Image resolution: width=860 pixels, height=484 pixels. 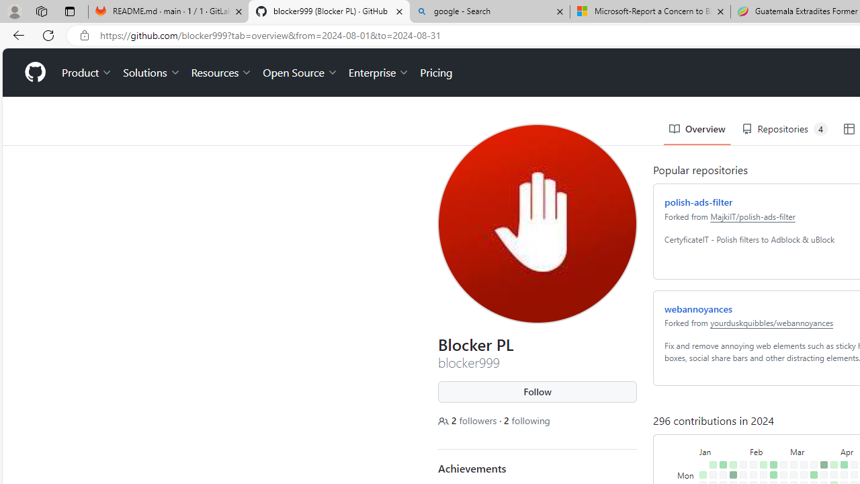 What do you see at coordinates (791, 446) in the screenshot?
I see `'No contributions on March 6th.'` at bounding box center [791, 446].